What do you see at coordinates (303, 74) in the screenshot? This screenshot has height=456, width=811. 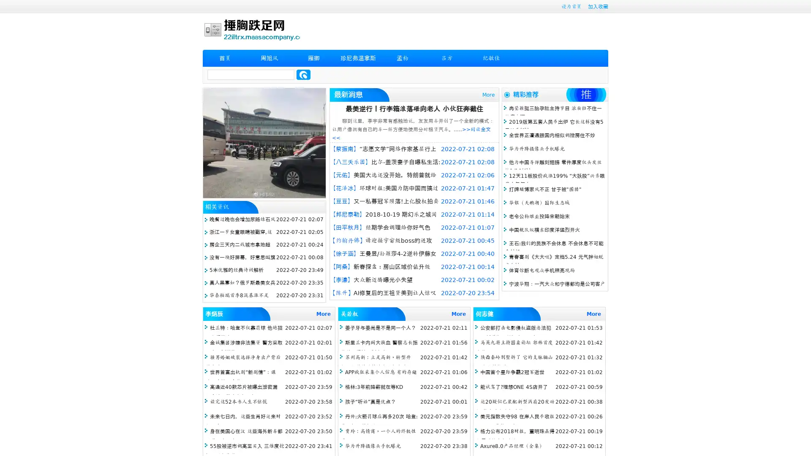 I see `Search` at bounding box center [303, 74].